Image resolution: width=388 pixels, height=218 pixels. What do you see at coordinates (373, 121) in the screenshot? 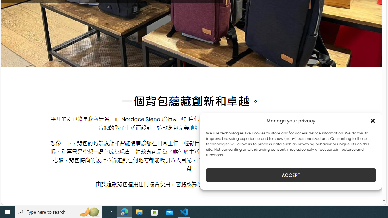
I see `'Class: cmplz-close'` at bounding box center [373, 121].